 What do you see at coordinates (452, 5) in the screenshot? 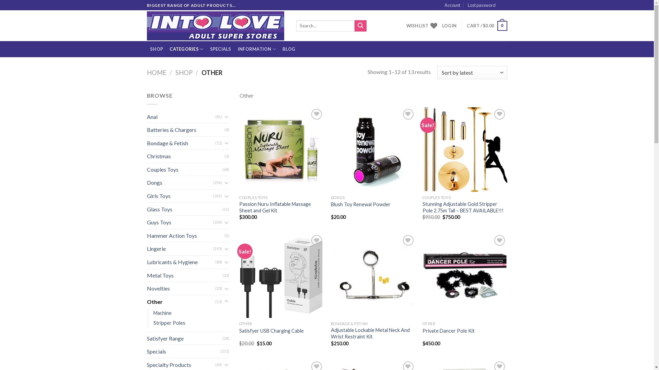
I see `'Account'` at bounding box center [452, 5].